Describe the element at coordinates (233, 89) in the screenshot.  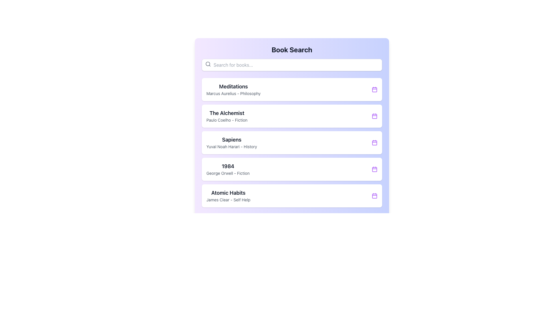
I see `the text block representing the book 'Meditations'` at that location.